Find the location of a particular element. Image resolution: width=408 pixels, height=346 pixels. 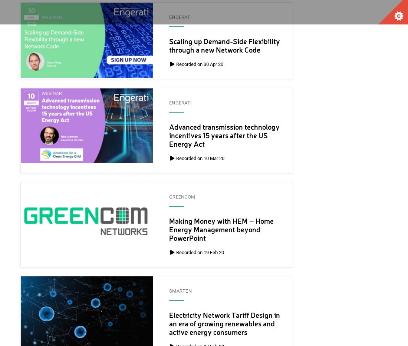

'Recorded on 10 Mar 20' is located at coordinates (175, 158).